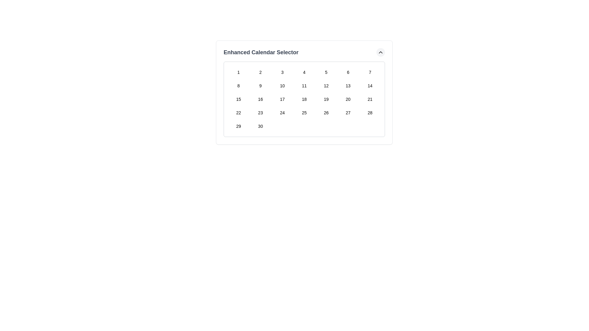 Image resolution: width=589 pixels, height=331 pixels. Describe the element at coordinates (282, 99) in the screenshot. I see `the button displaying '17' in the Enhanced Calendar Selector grid` at that location.